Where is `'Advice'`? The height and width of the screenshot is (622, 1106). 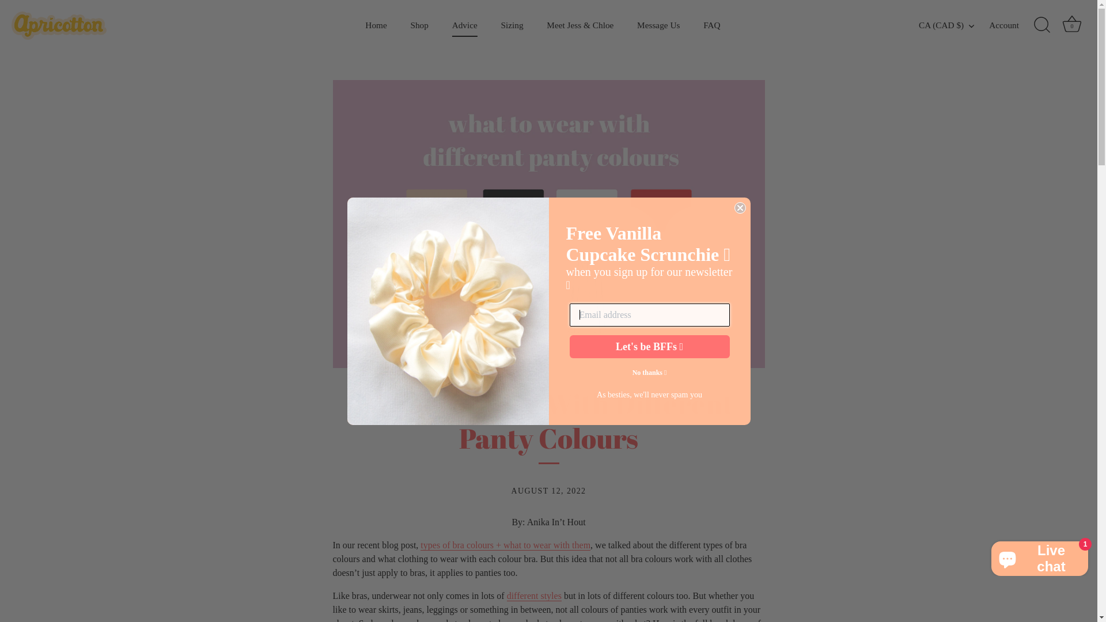 'Advice' is located at coordinates (464, 25).